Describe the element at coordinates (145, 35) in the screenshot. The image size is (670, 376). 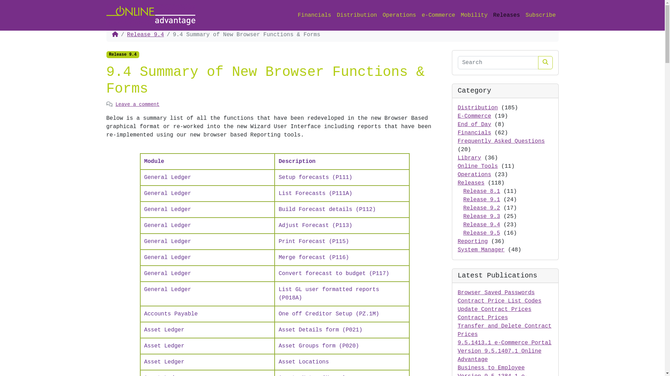
I see `'Release 9.4'` at that location.